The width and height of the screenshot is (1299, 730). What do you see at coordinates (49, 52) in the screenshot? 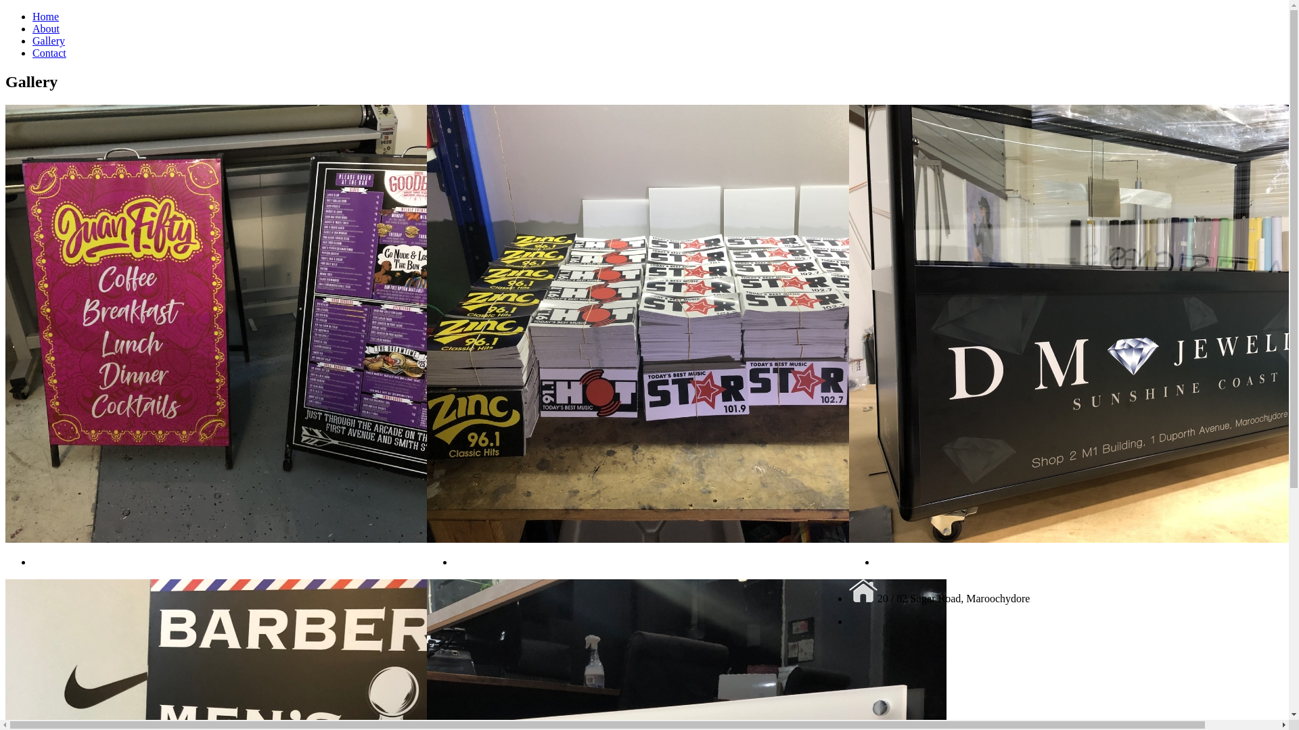
I see `'Contact'` at bounding box center [49, 52].